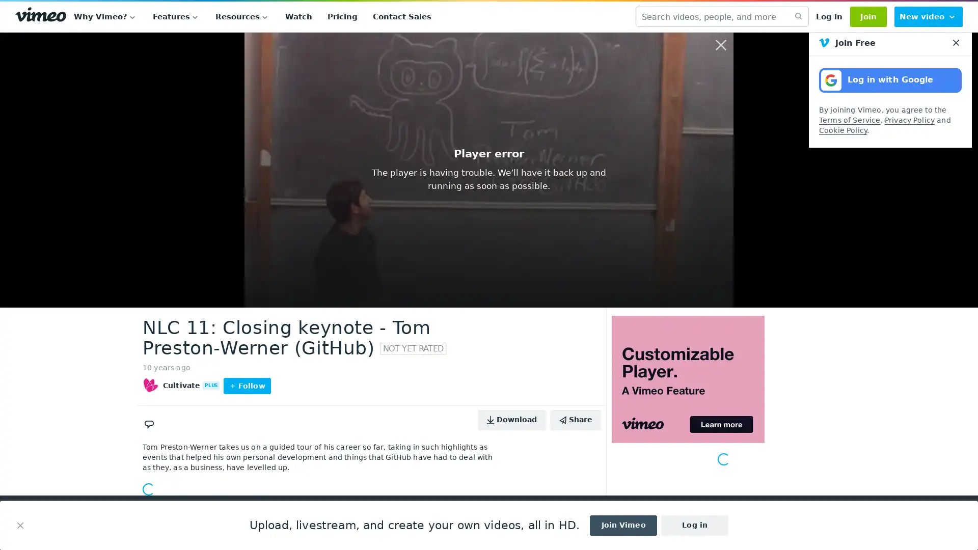 The image size is (978, 550). What do you see at coordinates (623, 526) in the screenshot?
I see `Join Vimeo` at bounding box center [623, 526].